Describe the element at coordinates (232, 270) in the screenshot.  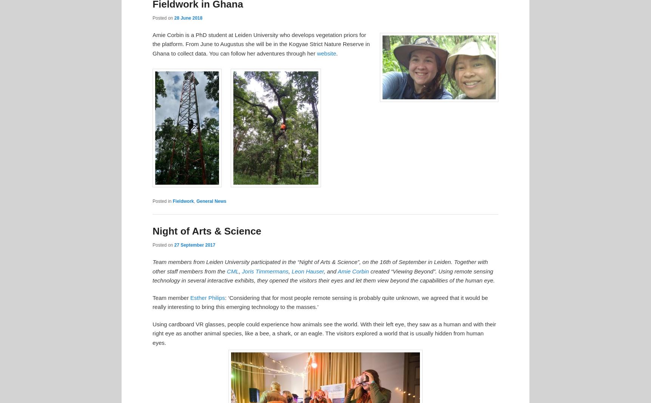
I see `'CML'` at that location.